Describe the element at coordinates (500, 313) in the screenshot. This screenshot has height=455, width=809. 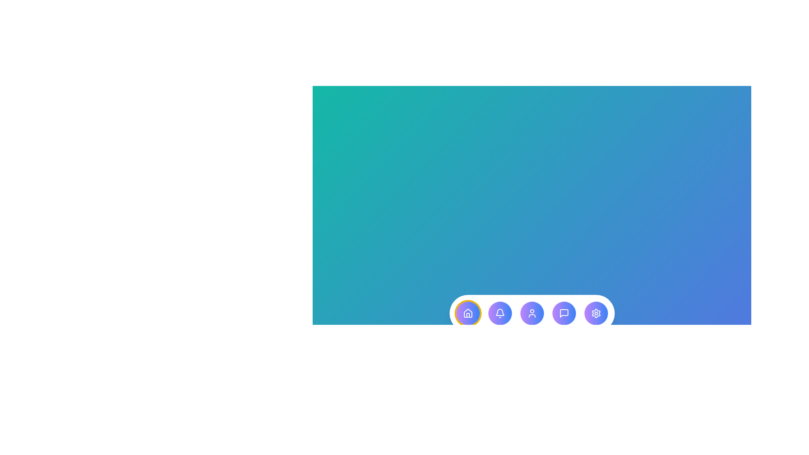
I see `the menu item corresponding to Notification` at that location.